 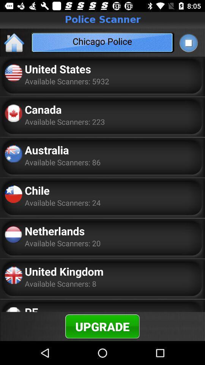 What do you see at coordinates (54, 230) in the screenshot?
I see `the app above the available scanners: 20 icon` at bounding box center [54, 230].